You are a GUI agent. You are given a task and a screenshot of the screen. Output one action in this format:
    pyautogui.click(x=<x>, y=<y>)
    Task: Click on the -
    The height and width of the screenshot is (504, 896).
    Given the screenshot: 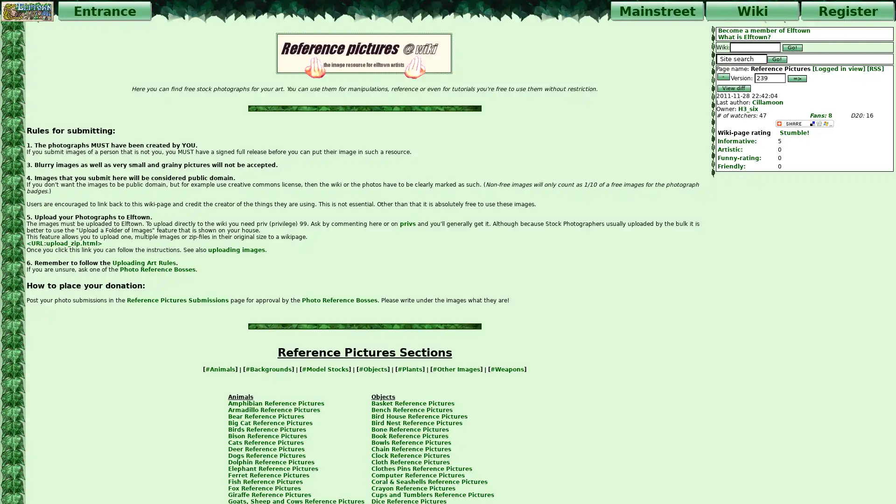 What is the action you would take?
    pyautogui.click(x=723, y=76)
    